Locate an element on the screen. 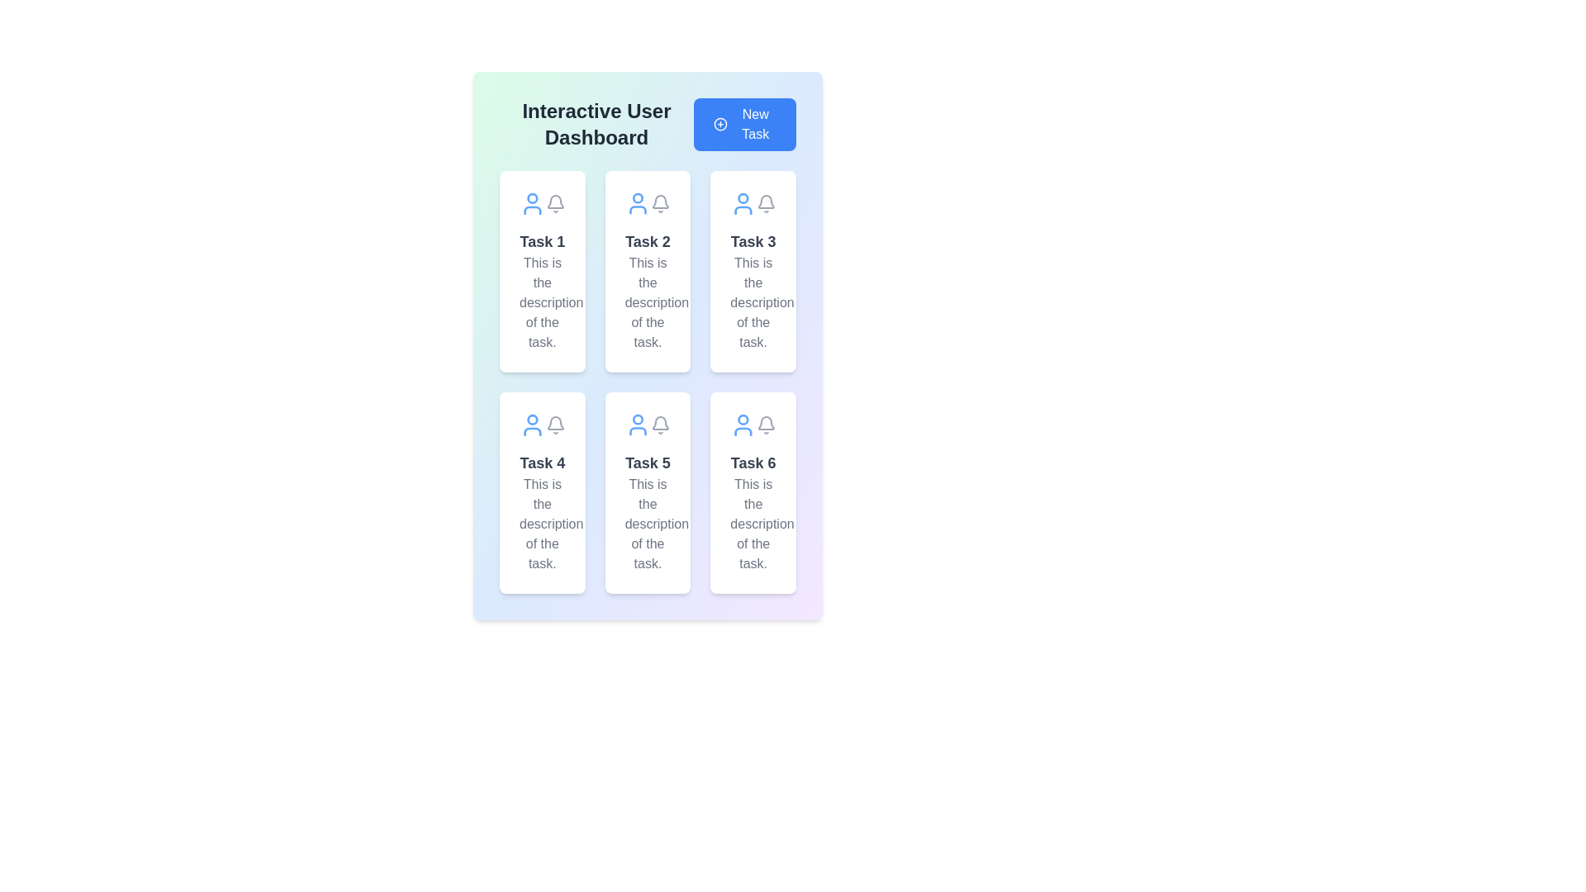 This screenshot has width=1586, height=892. the user profile icon located in the top-left of the second card from the left in the top row of the grid layout is located at coordinates (637, 202).